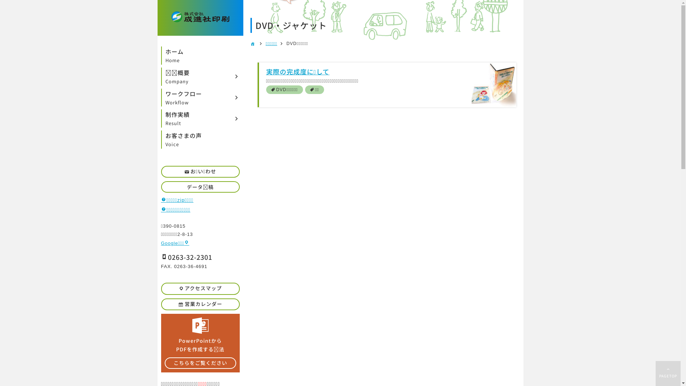 The image size is (686, 386). Describe the element at coordinates (186, 256) in the screenshot. I see `'0263-32-2301'` at that location.